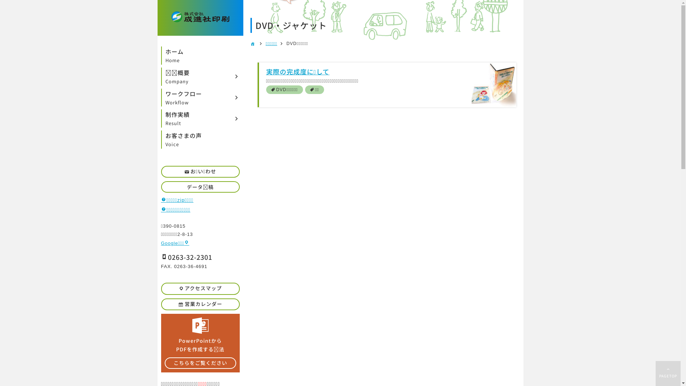 The image size is (686, 386). Describe the element at coordinates (186, 256) in the screenshot. I see `'0263-32-2301'` at that location.